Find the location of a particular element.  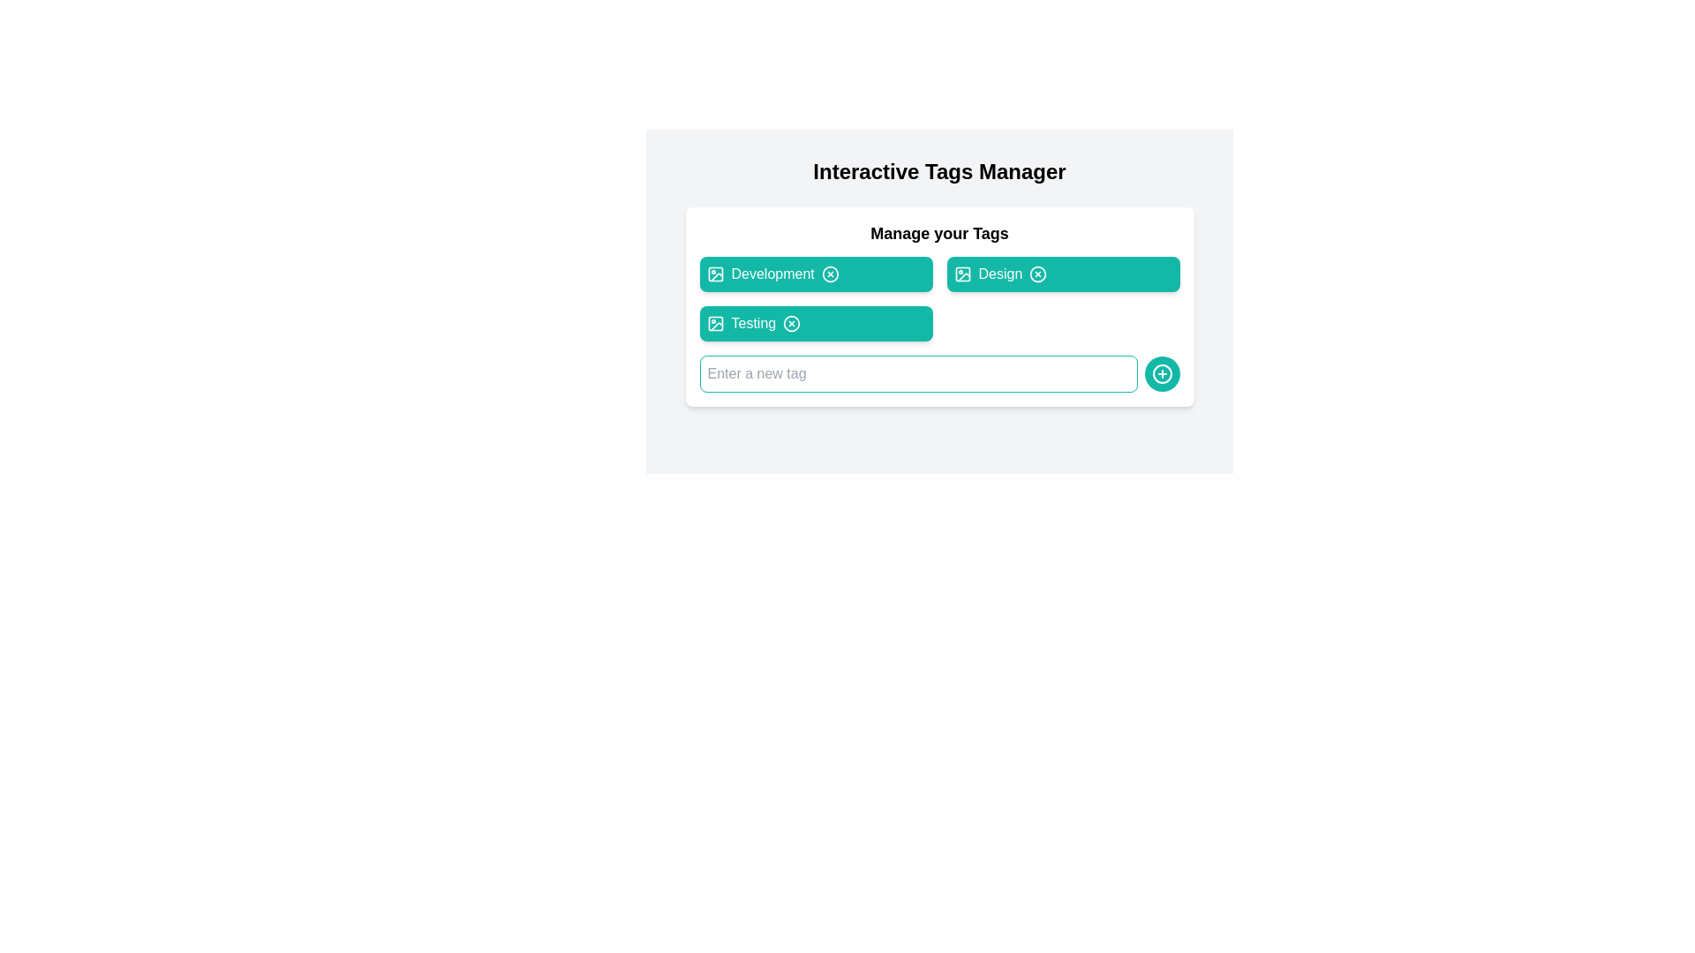

the circular SVG graphic component located within the 'Development' label in the 'Manage your Tags' section, indicating a close or delete action is located at coordinates (829, 274).